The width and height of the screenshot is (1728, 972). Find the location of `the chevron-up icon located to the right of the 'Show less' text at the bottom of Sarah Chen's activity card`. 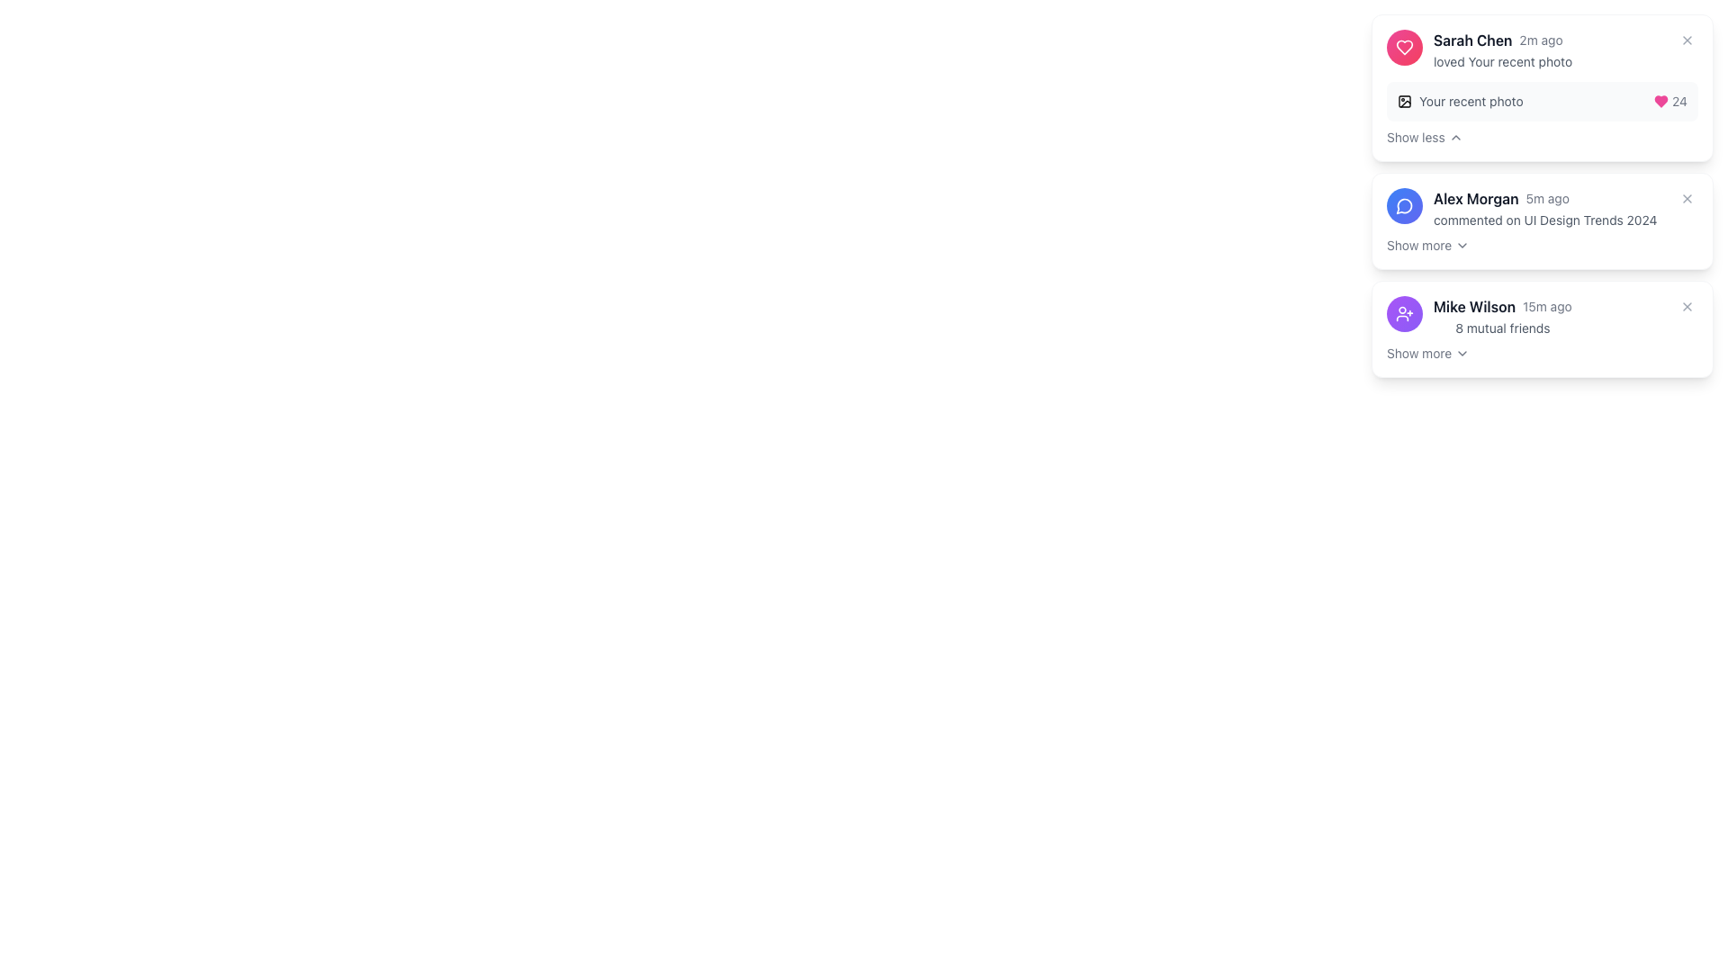

the chevron-up icon located to the right of the 'Show less' text at the bottom of Sarah Chen's activity card is located at coordinates (1455, 137).